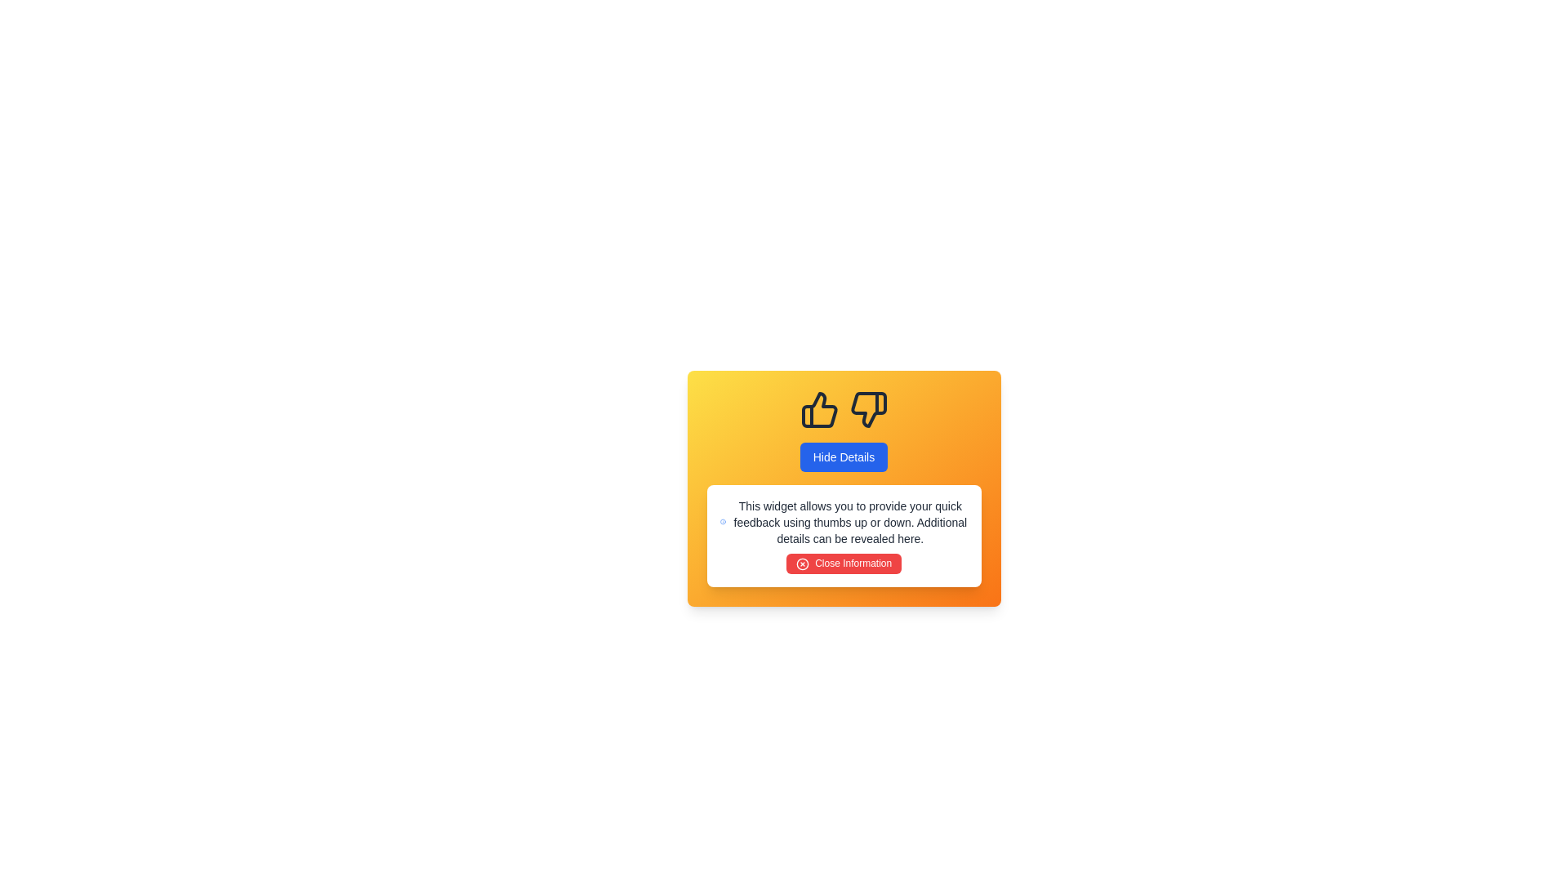 The image size is (1568, 882). What do you see at coordinates (819, 408) in the screenshot?
I see `the thumbs-up icon button with a black outline and neutral background` at bounding box center [819, 408].